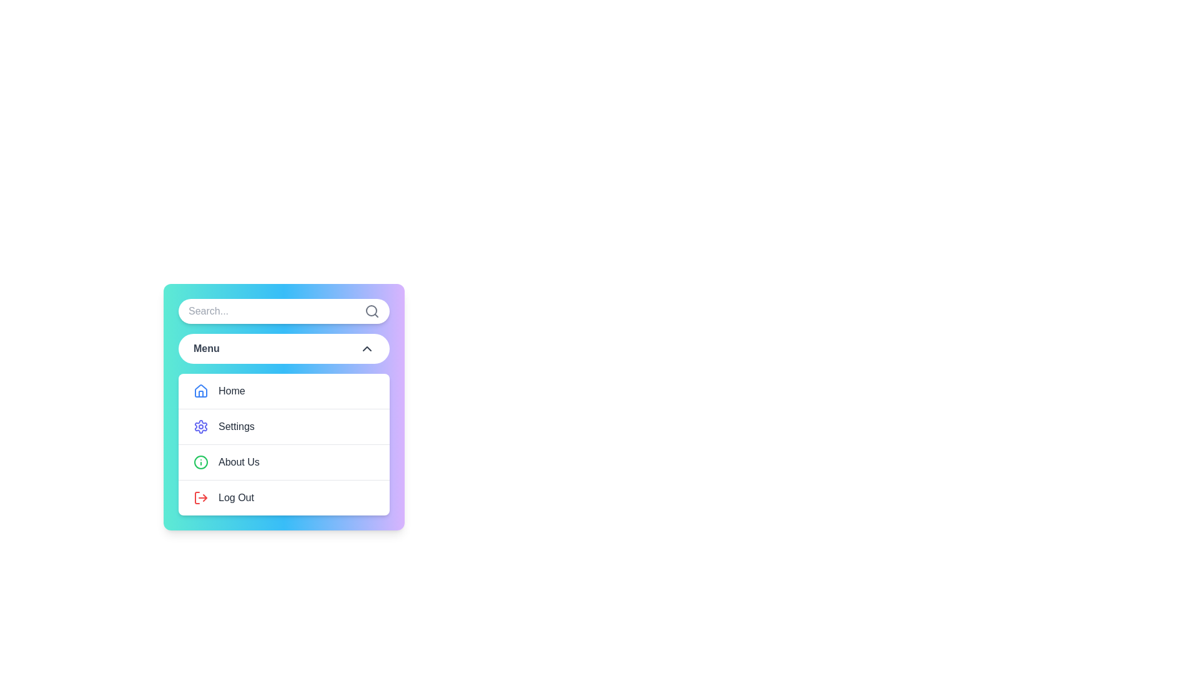  Describe the element at coordinates (371, 310) in the screenshot. I see `the search icon located at the rightmost end of the search bar to initiate a search action` at that location.